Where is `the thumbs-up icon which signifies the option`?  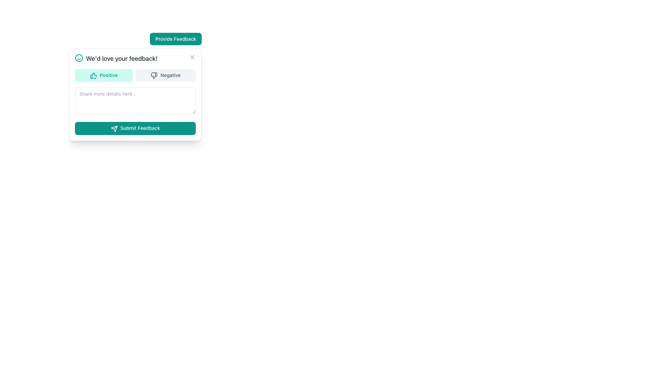
the thumbs-up icon which signifies the option is located at coordinates (93, 76).